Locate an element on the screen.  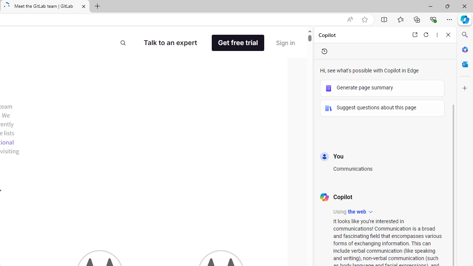
'Get free trial' is located at coordinates (243, 43).